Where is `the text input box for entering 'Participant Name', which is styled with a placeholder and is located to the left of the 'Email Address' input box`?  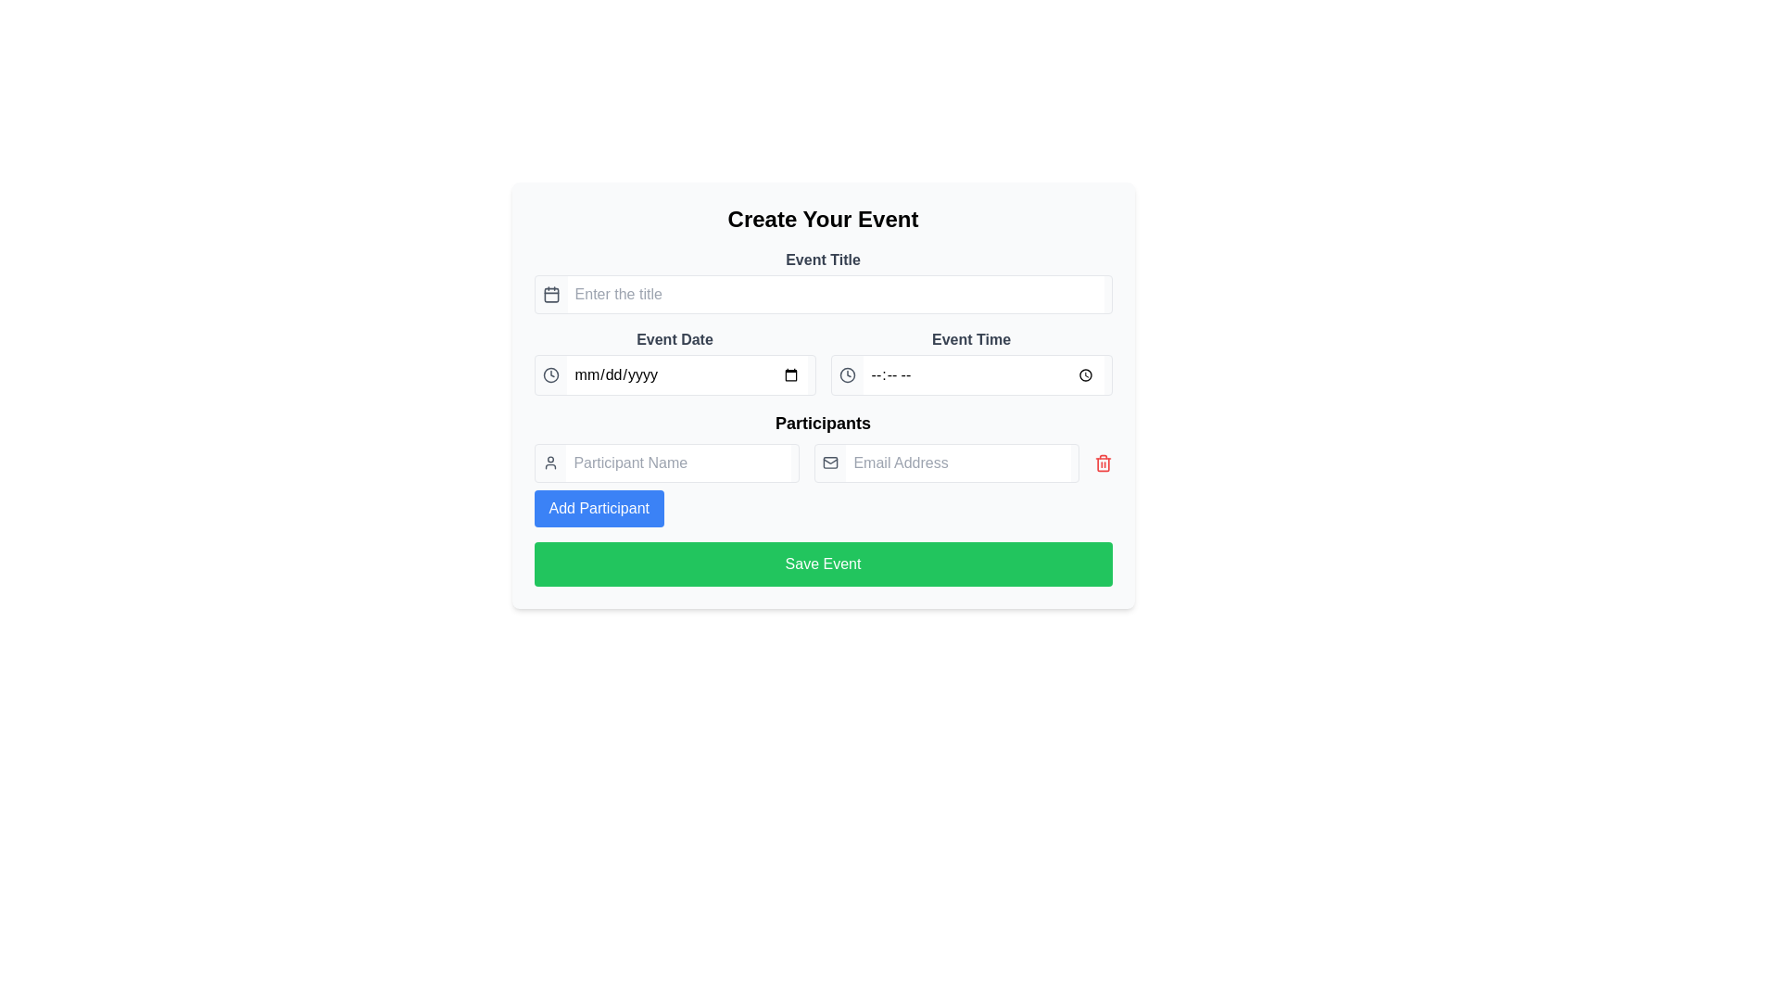
the text input box for entering 'Participant Name', which is styled with a placeholder and is located to the left of the 'Email Address' input box is located at coordinates (677, 462).